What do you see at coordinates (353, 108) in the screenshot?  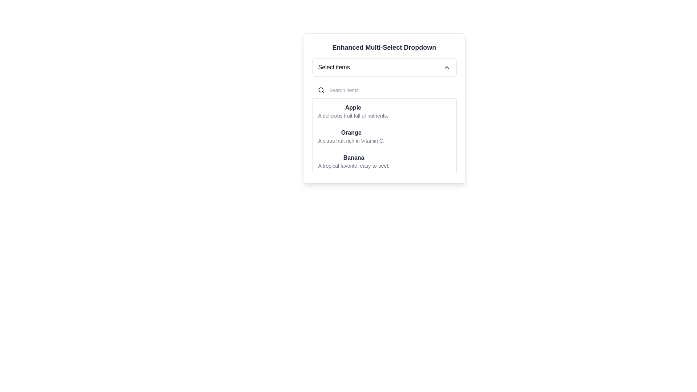 I see `the 'Apple' text label element, which is a bold dark gray font title located in a dropdown menu under the 'Search items' field` at bounding box center [353, 108].